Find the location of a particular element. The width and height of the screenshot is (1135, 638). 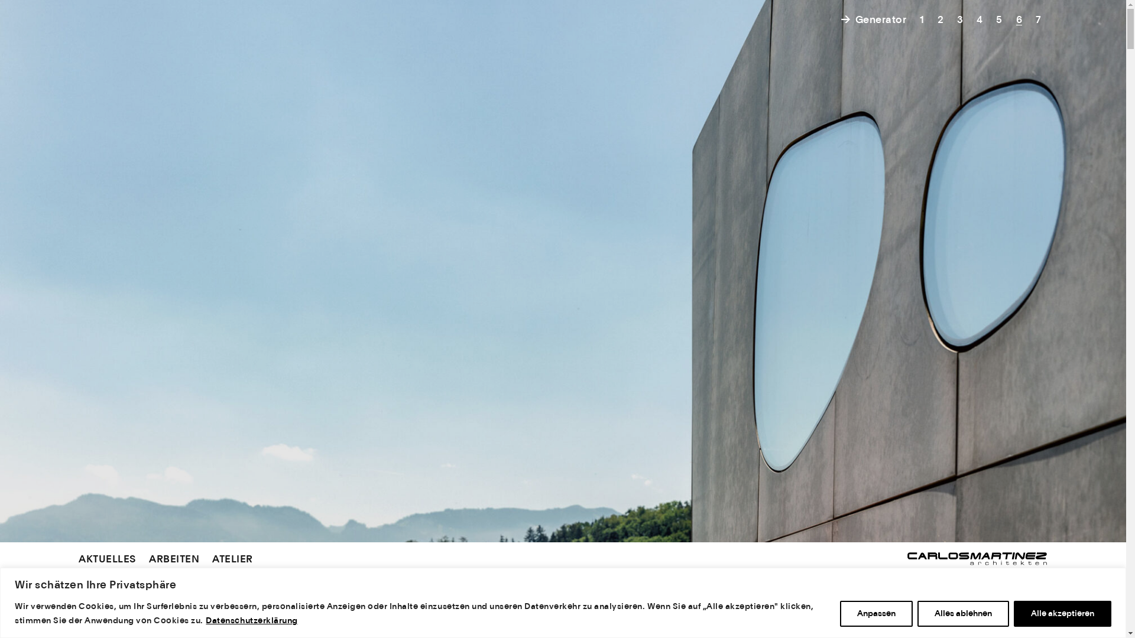

'7' is located at coordinates (1037, 20).